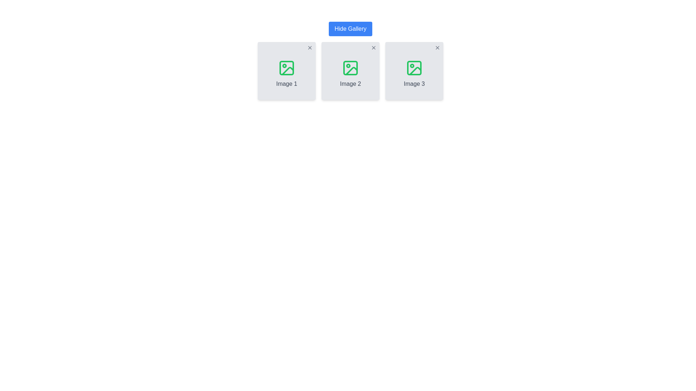 This screenshot has width=696, height=391. What do you see at coordinates (350, 83) in the screenshot?
I see `the text label displaying 'Image 2', which is styled with a light gray color and is positioned below a green image icon` at bounding box center [350, 83].